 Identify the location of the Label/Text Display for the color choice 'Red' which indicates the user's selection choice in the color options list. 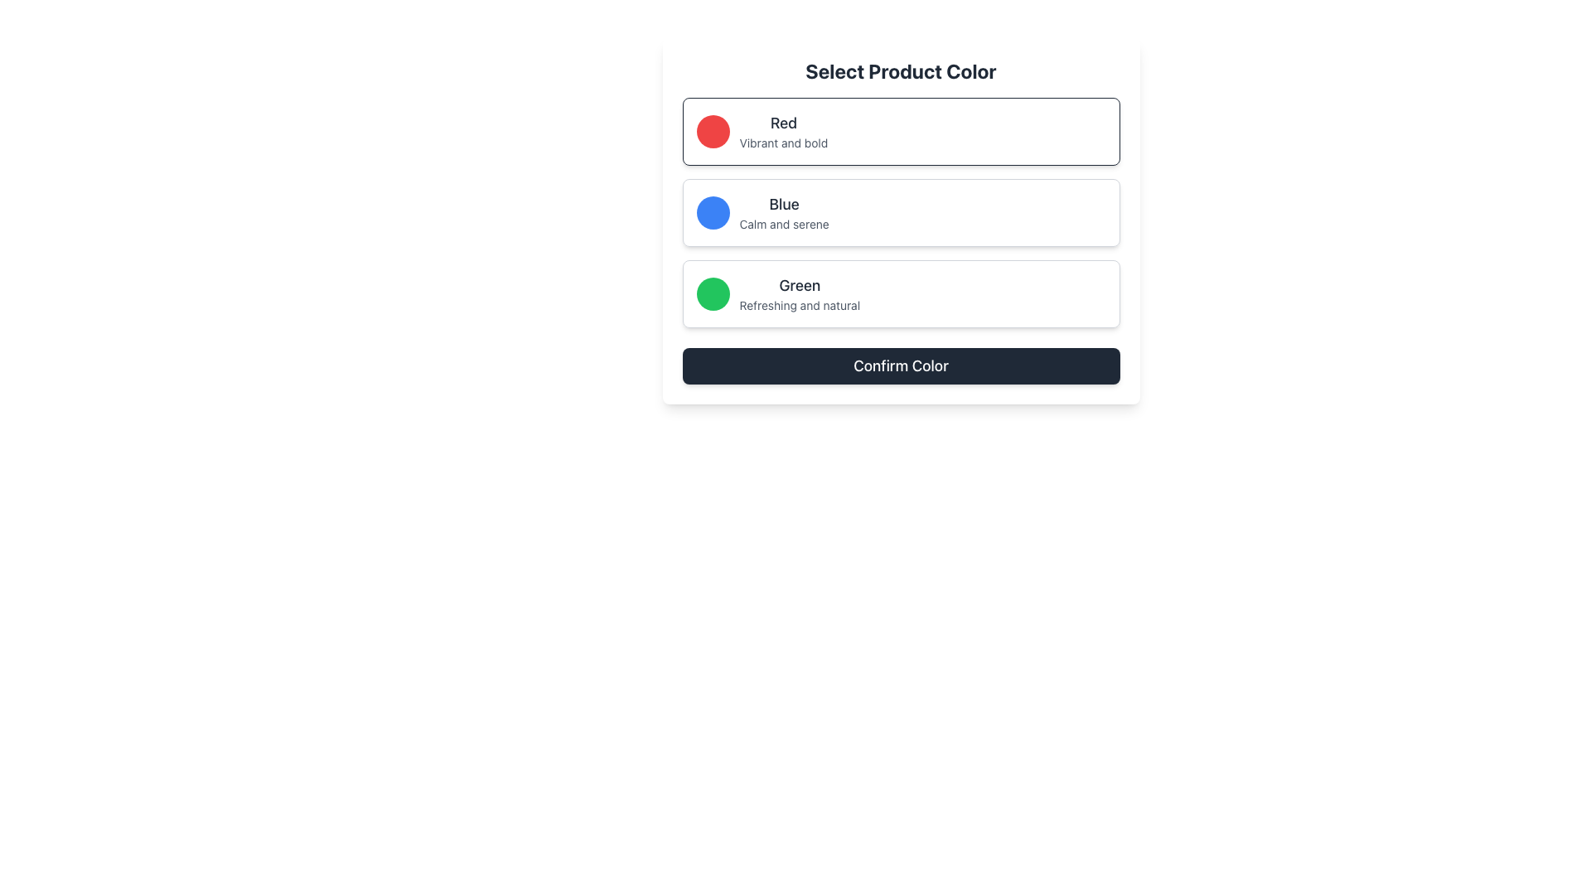
(782, 123).